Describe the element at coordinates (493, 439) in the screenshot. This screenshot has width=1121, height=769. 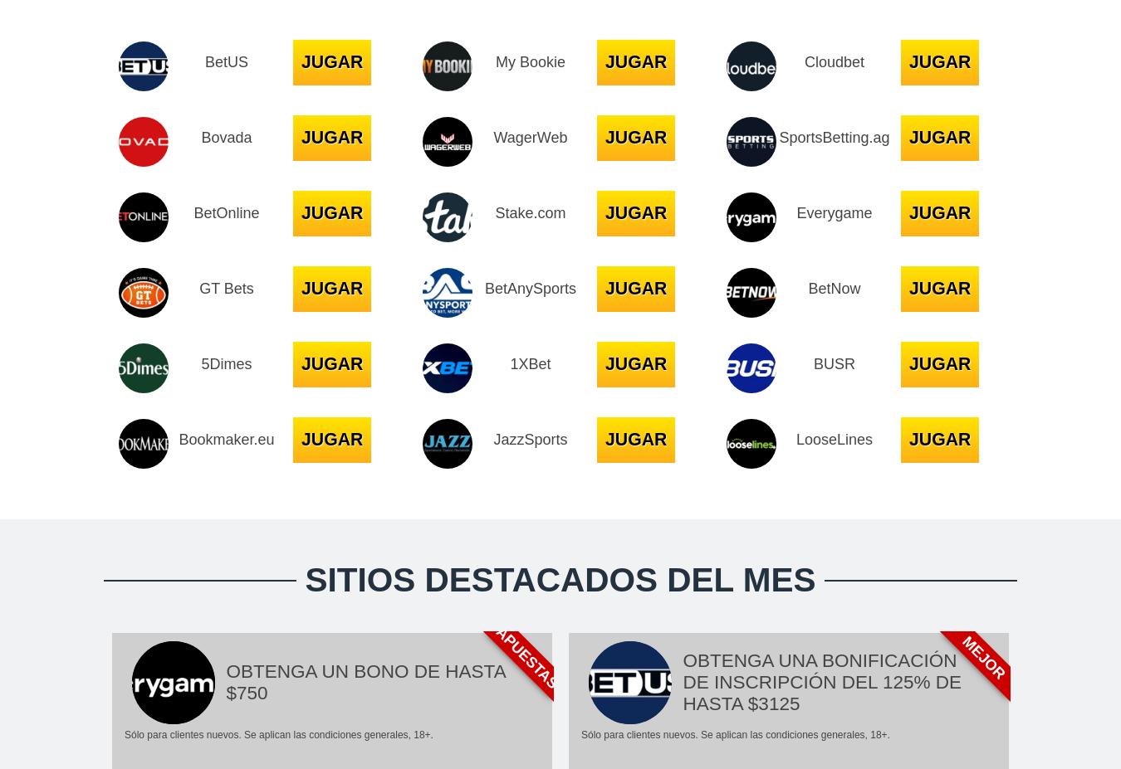
I see `'JazzSports'` at that location.